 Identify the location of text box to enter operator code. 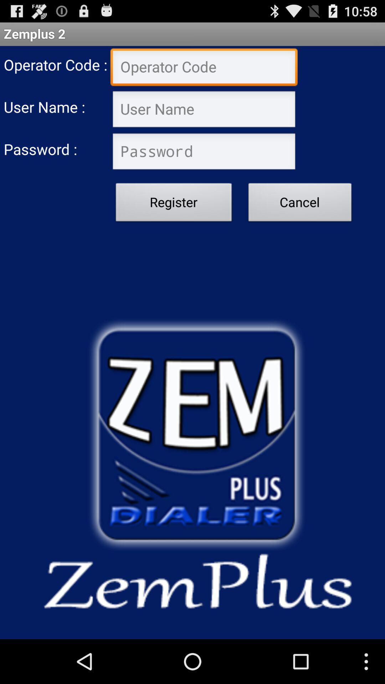
(204, 68).